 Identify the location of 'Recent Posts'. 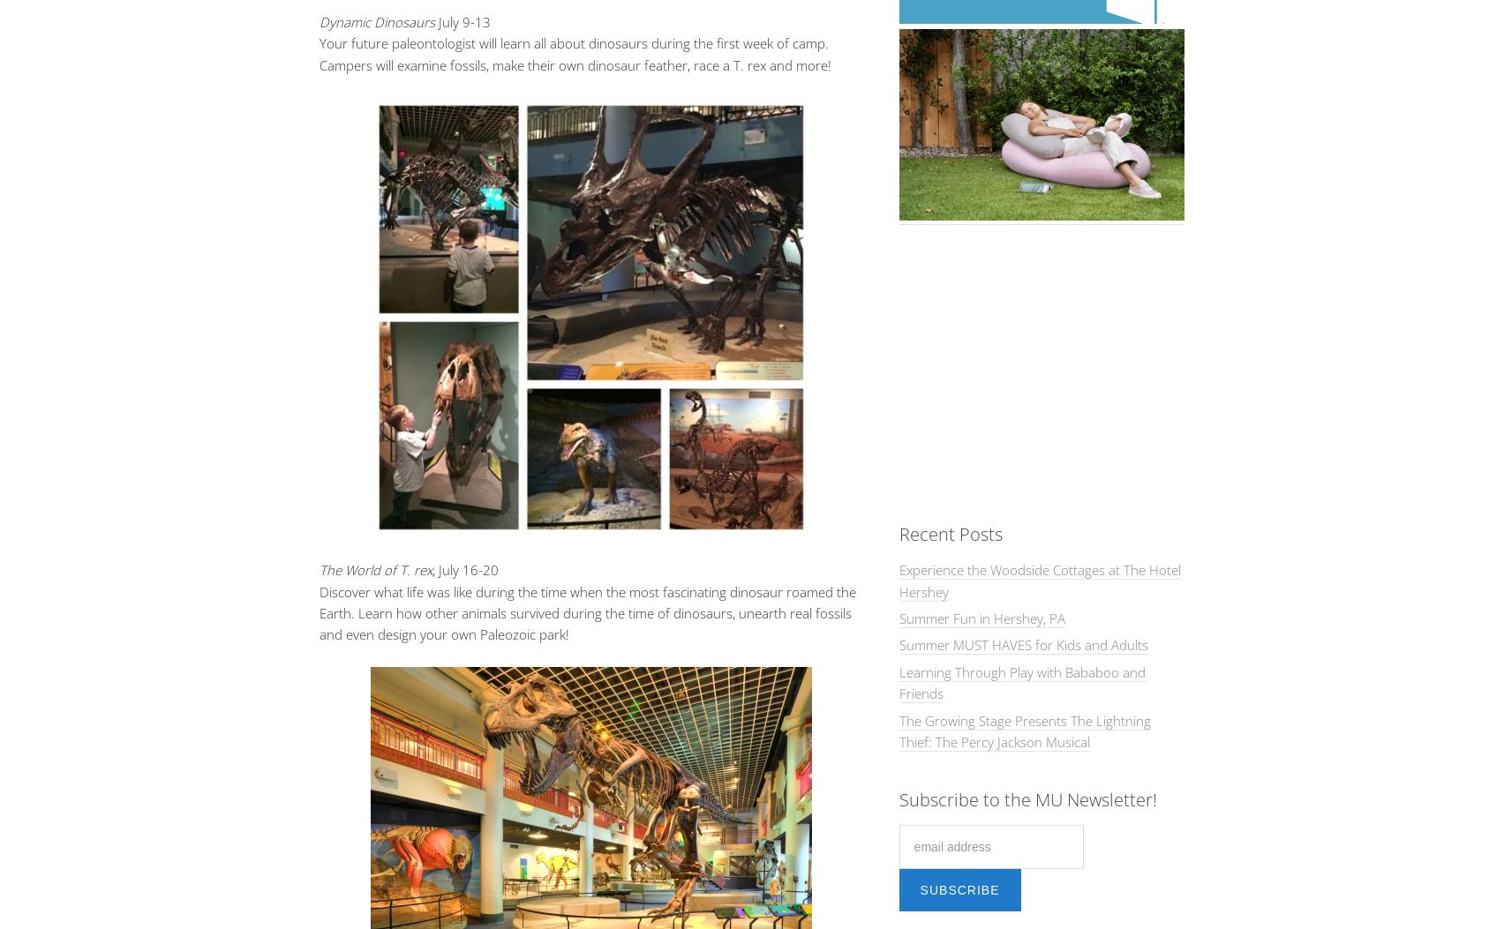
(949, 534).